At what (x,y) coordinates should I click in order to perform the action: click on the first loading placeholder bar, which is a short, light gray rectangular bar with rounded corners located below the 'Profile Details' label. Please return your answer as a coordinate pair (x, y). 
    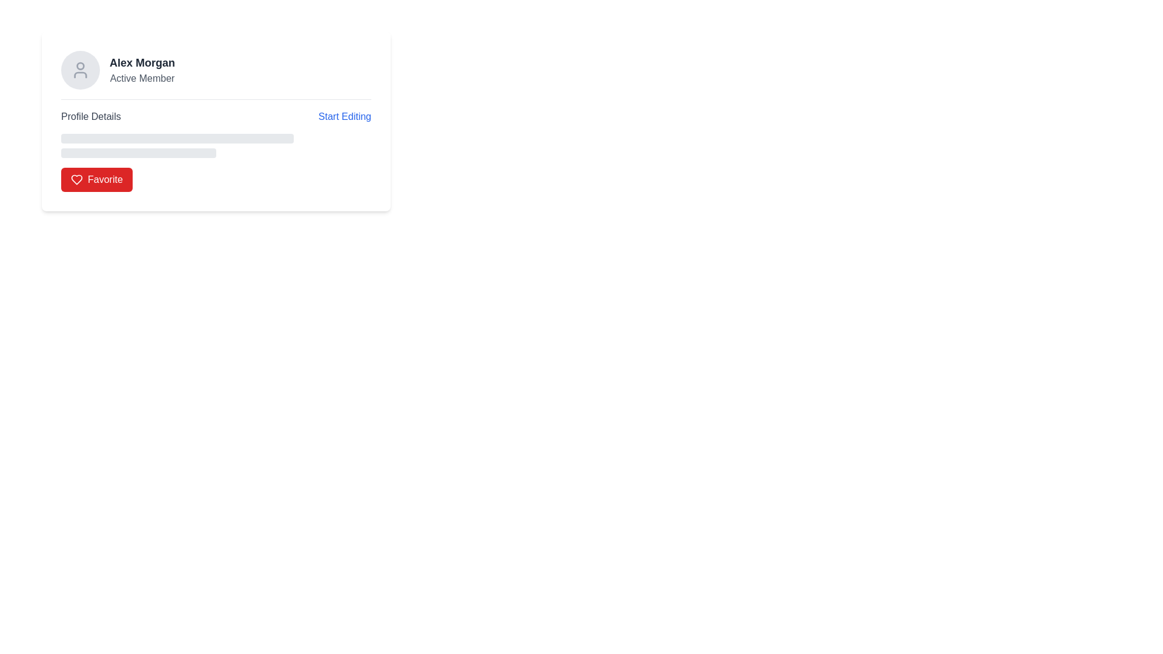
    Looking at the image, I should click on (176, 137).